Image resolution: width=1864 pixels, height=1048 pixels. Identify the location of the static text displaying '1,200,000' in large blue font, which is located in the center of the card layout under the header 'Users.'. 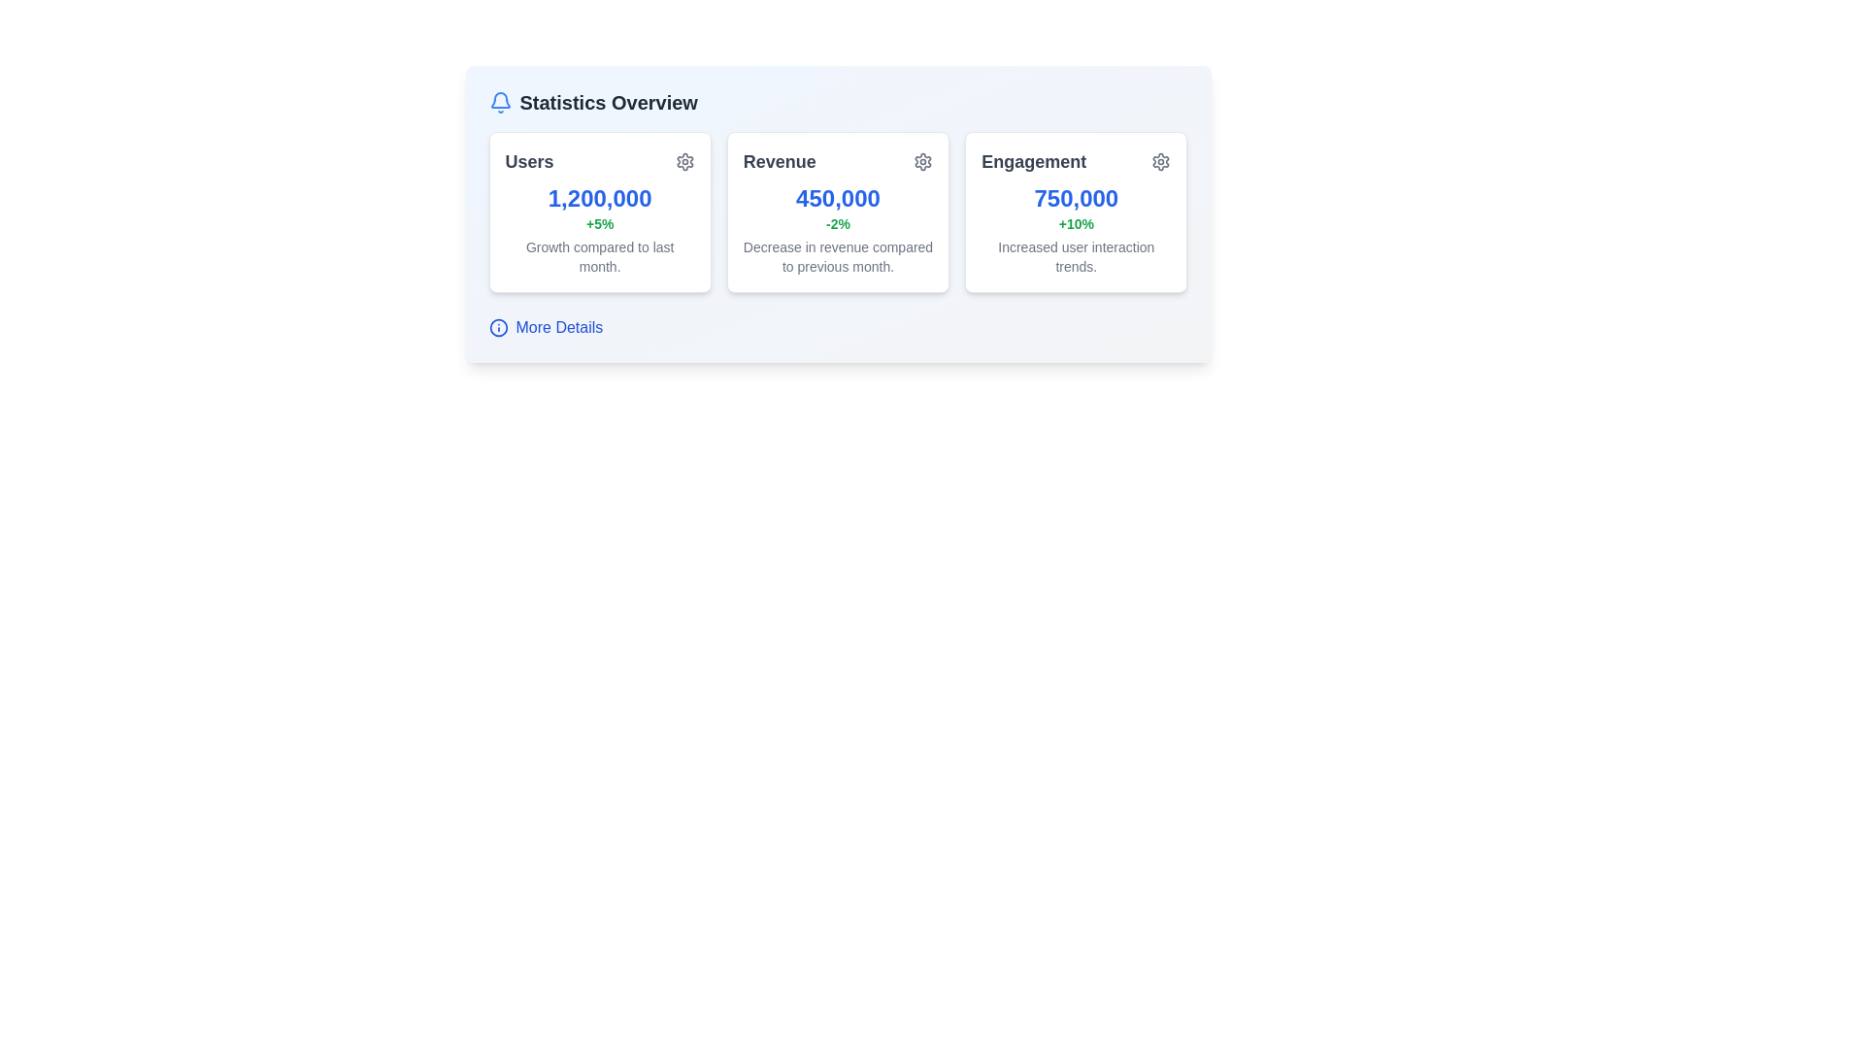
(599, 198).